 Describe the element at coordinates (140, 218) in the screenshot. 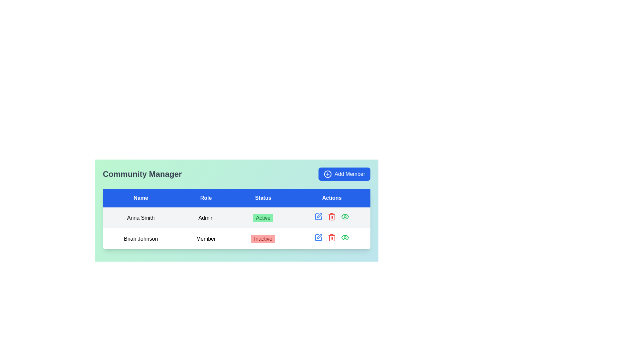

I see `the text display element containing 'Anna Smith', which is styled with center-aligned text in a table layout under the 'Name' header` at that location.